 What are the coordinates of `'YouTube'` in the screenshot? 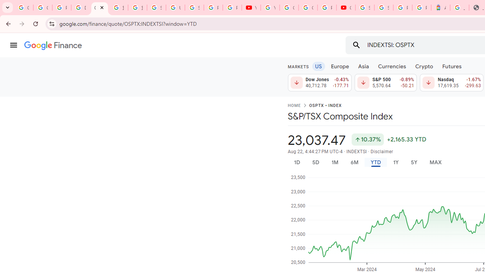 It's located at (270, 8).